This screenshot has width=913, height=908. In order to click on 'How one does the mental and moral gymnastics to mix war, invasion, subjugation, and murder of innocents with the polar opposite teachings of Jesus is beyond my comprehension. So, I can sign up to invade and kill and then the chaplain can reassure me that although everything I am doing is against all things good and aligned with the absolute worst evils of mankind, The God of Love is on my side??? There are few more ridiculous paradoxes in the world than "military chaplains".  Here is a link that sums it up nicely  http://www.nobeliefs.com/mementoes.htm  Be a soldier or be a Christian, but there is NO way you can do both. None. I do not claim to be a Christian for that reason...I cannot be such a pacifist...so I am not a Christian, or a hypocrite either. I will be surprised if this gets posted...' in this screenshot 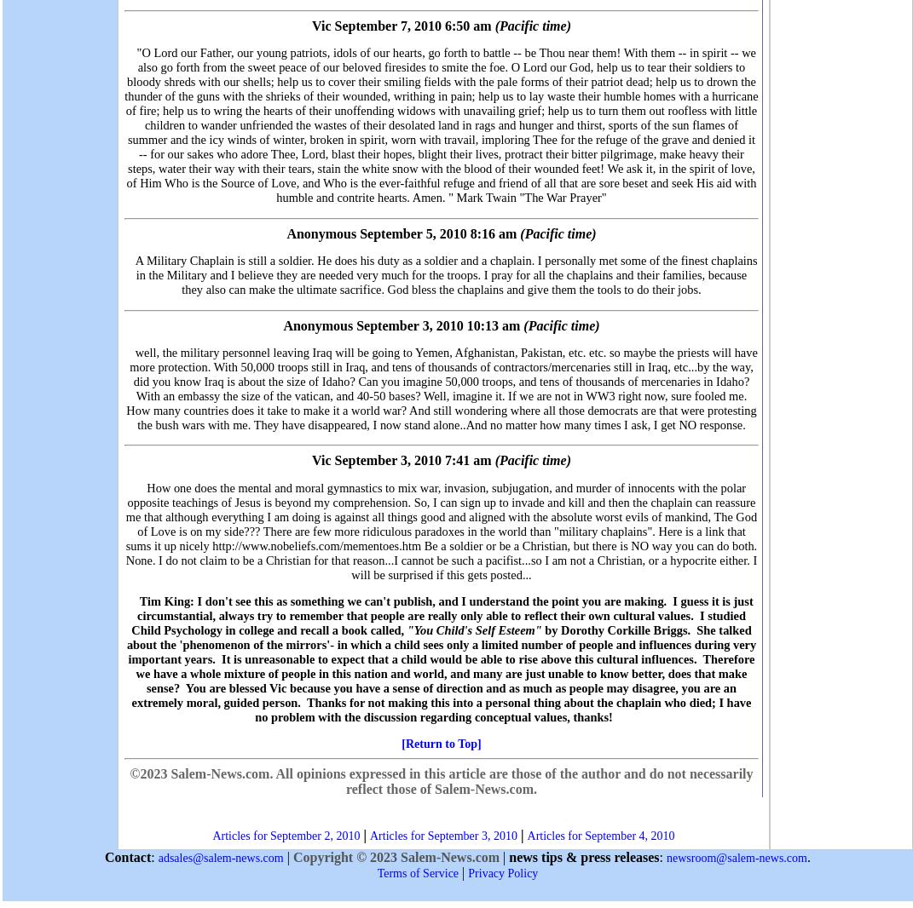, I will do `click(440, 529)`.